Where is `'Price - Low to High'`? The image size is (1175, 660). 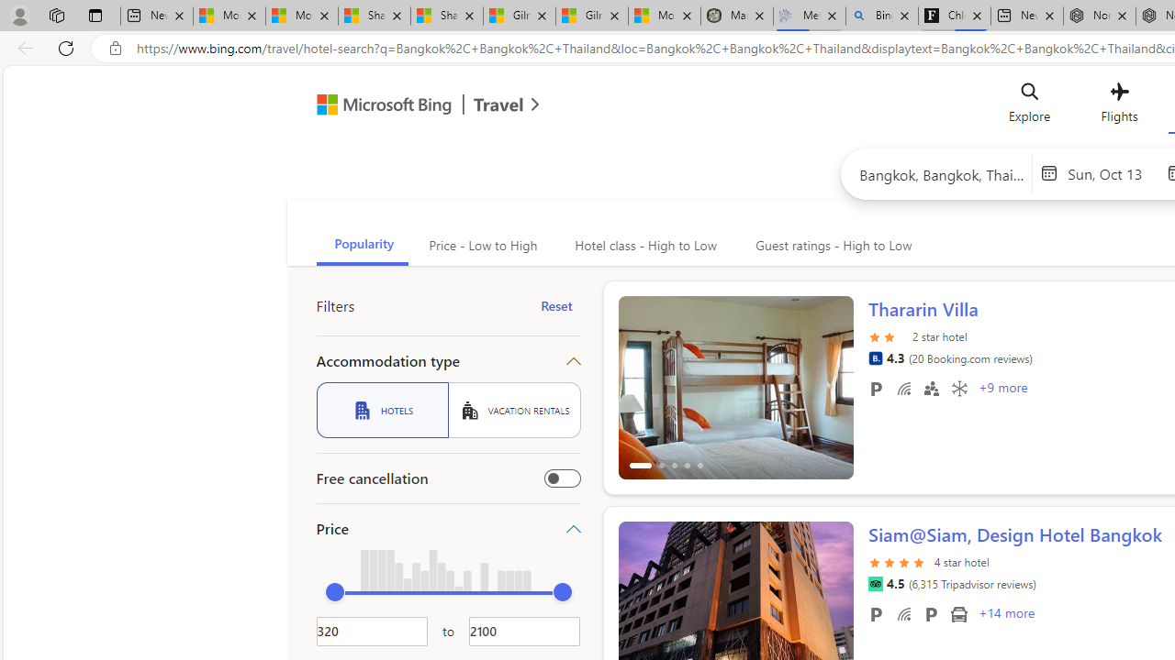
'Price - Low to High' is located at coordinates (481, 245).